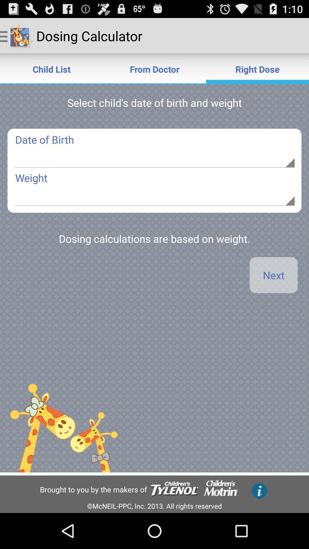 The height and width of the screenshot is (549, 309). I want to click on item next to the from doctor icon, so click(257, 69).